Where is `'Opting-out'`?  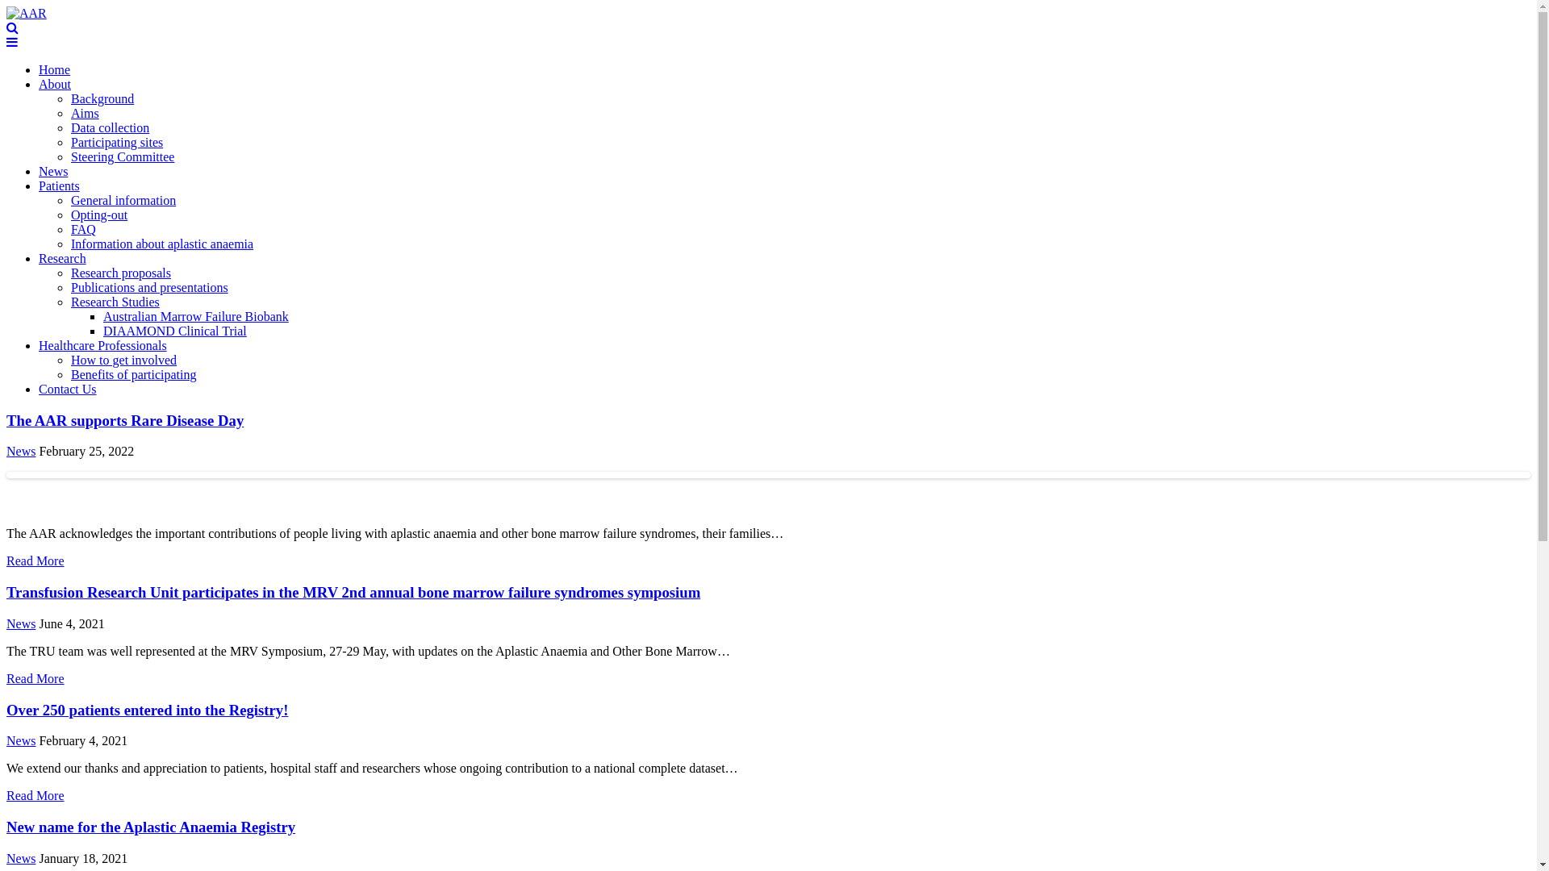 'Opting-out' is located at coordinates (98, 214).